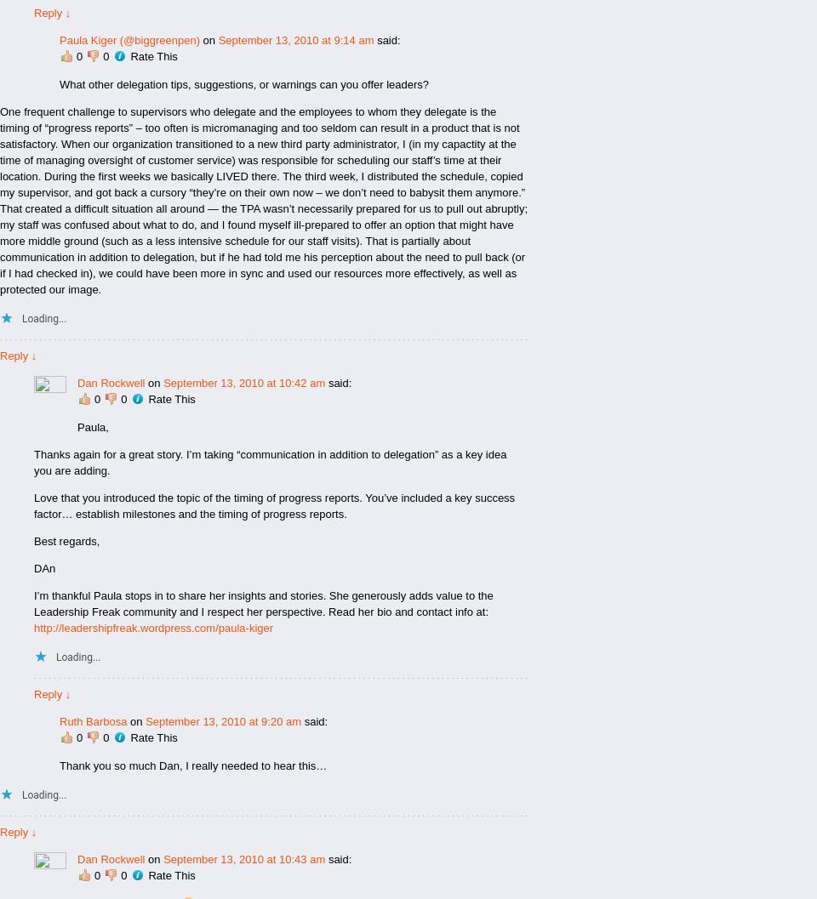 The width and height of the screenshot is (817, 899). I want to click on 'DAn', so click(43, 568).